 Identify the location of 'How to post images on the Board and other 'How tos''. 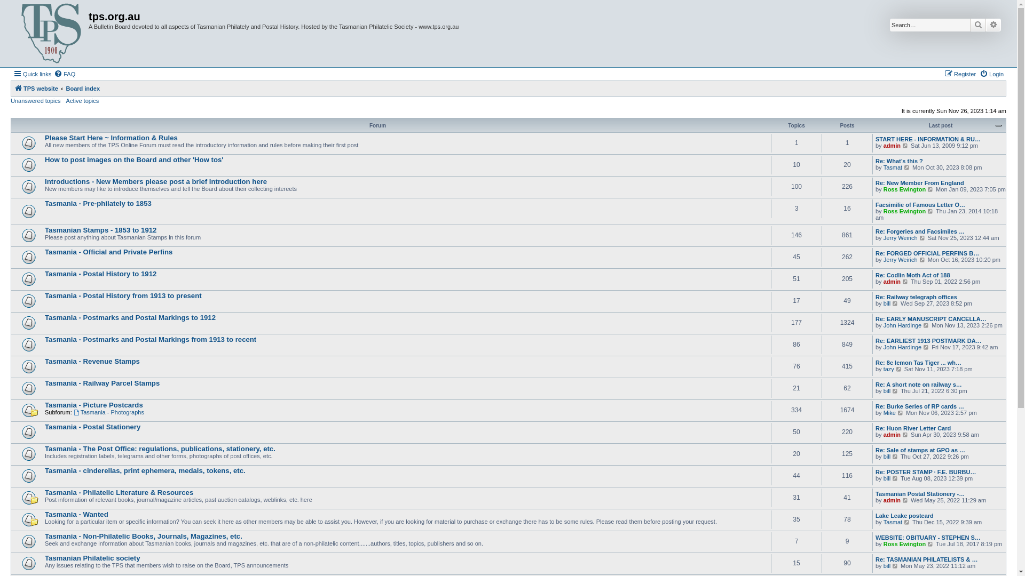
(133, 159).